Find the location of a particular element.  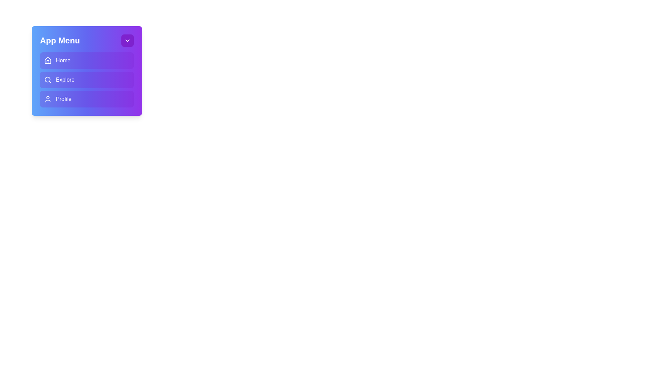

the home icon in the top row of the vertical menu list, which is the first interactive item labeled 'Home' is located at coordinates (48, 60).